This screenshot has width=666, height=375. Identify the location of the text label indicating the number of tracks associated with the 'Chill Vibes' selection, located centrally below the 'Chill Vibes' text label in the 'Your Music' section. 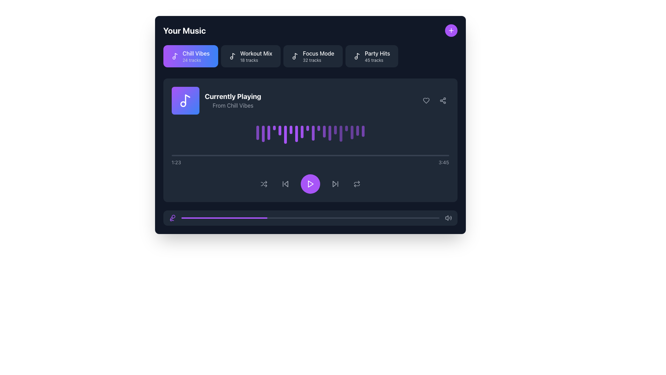
(191, 60).